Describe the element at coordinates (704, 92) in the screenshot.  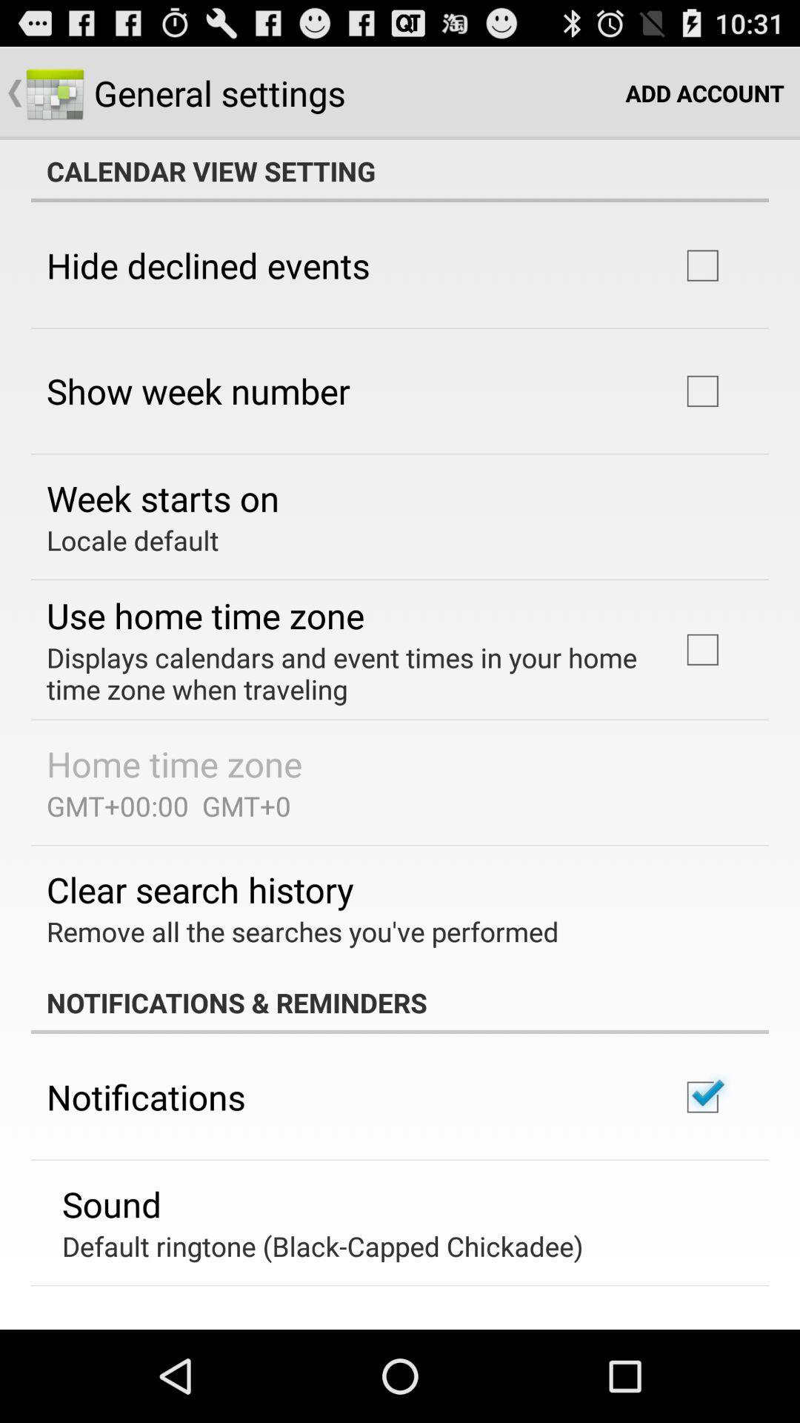
I see `the icon above the calendar view setting icon` at that location.